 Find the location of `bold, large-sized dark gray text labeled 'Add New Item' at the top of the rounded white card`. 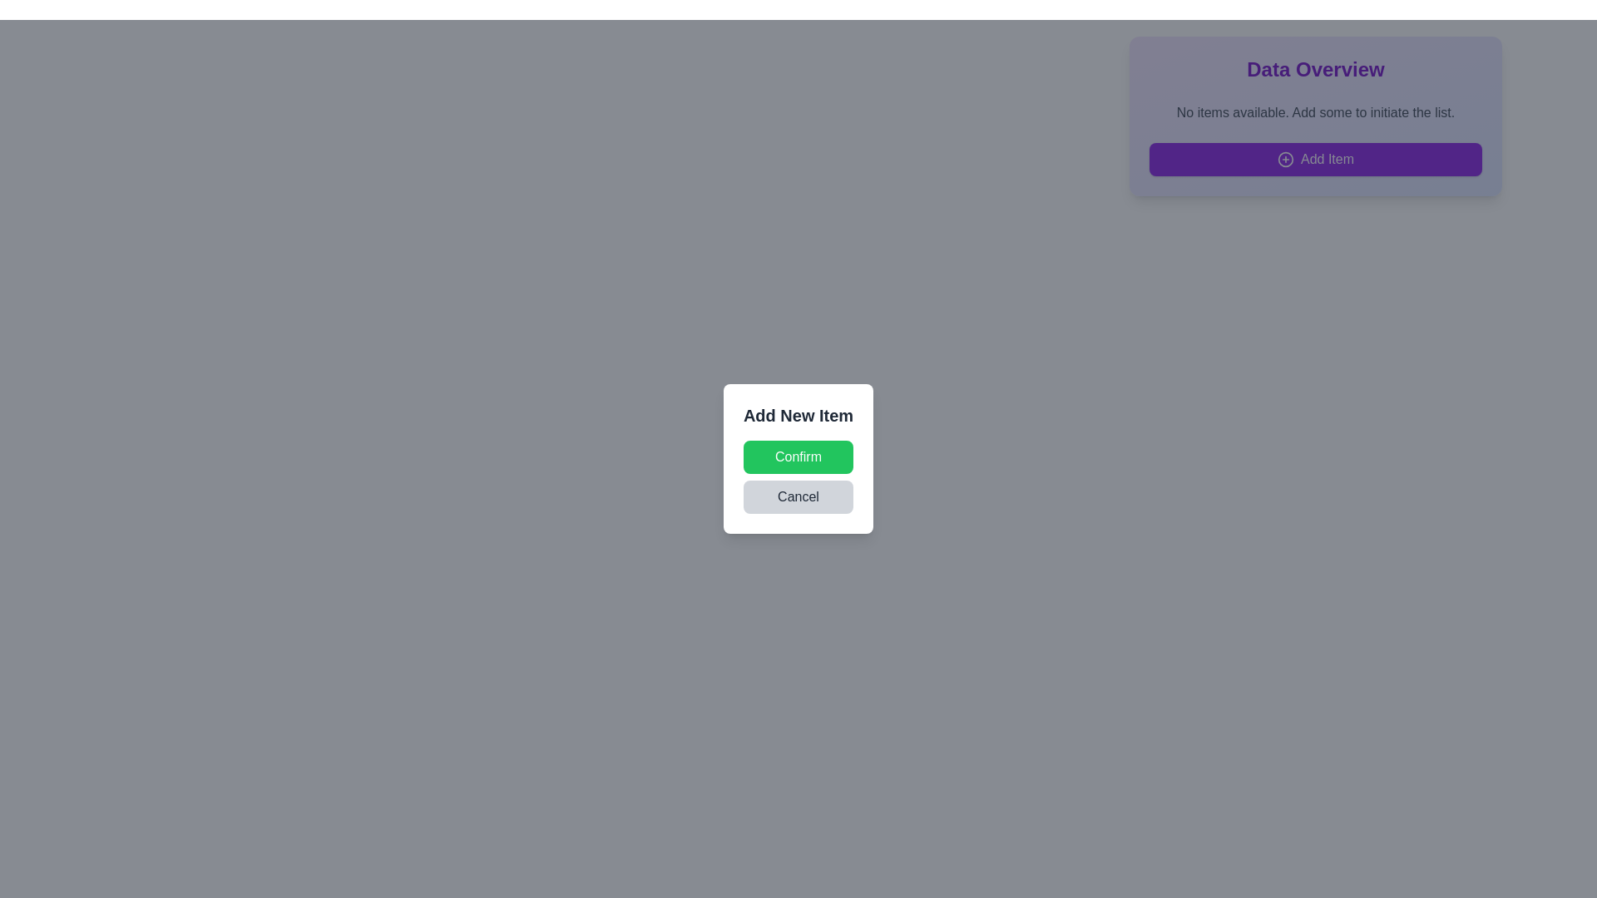

bold, large-sized dark gray text labeled 'Add New Item' at the top of the rounded white card is located at coordinates (798, 415).